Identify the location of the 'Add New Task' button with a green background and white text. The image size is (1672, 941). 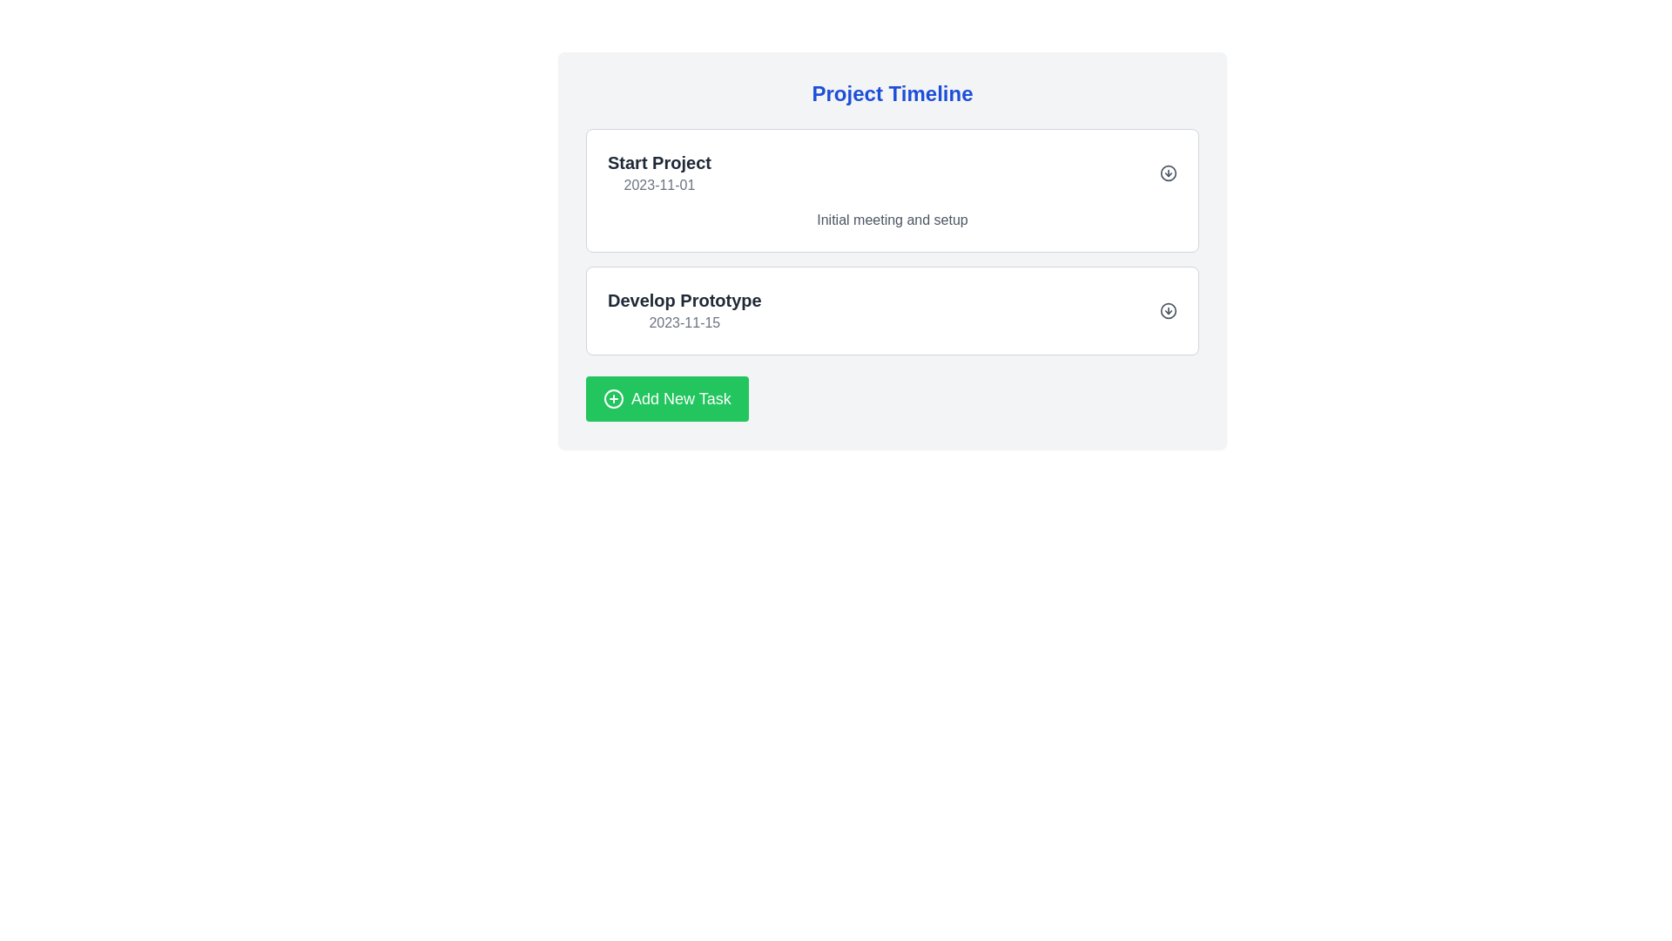
(666, 399).